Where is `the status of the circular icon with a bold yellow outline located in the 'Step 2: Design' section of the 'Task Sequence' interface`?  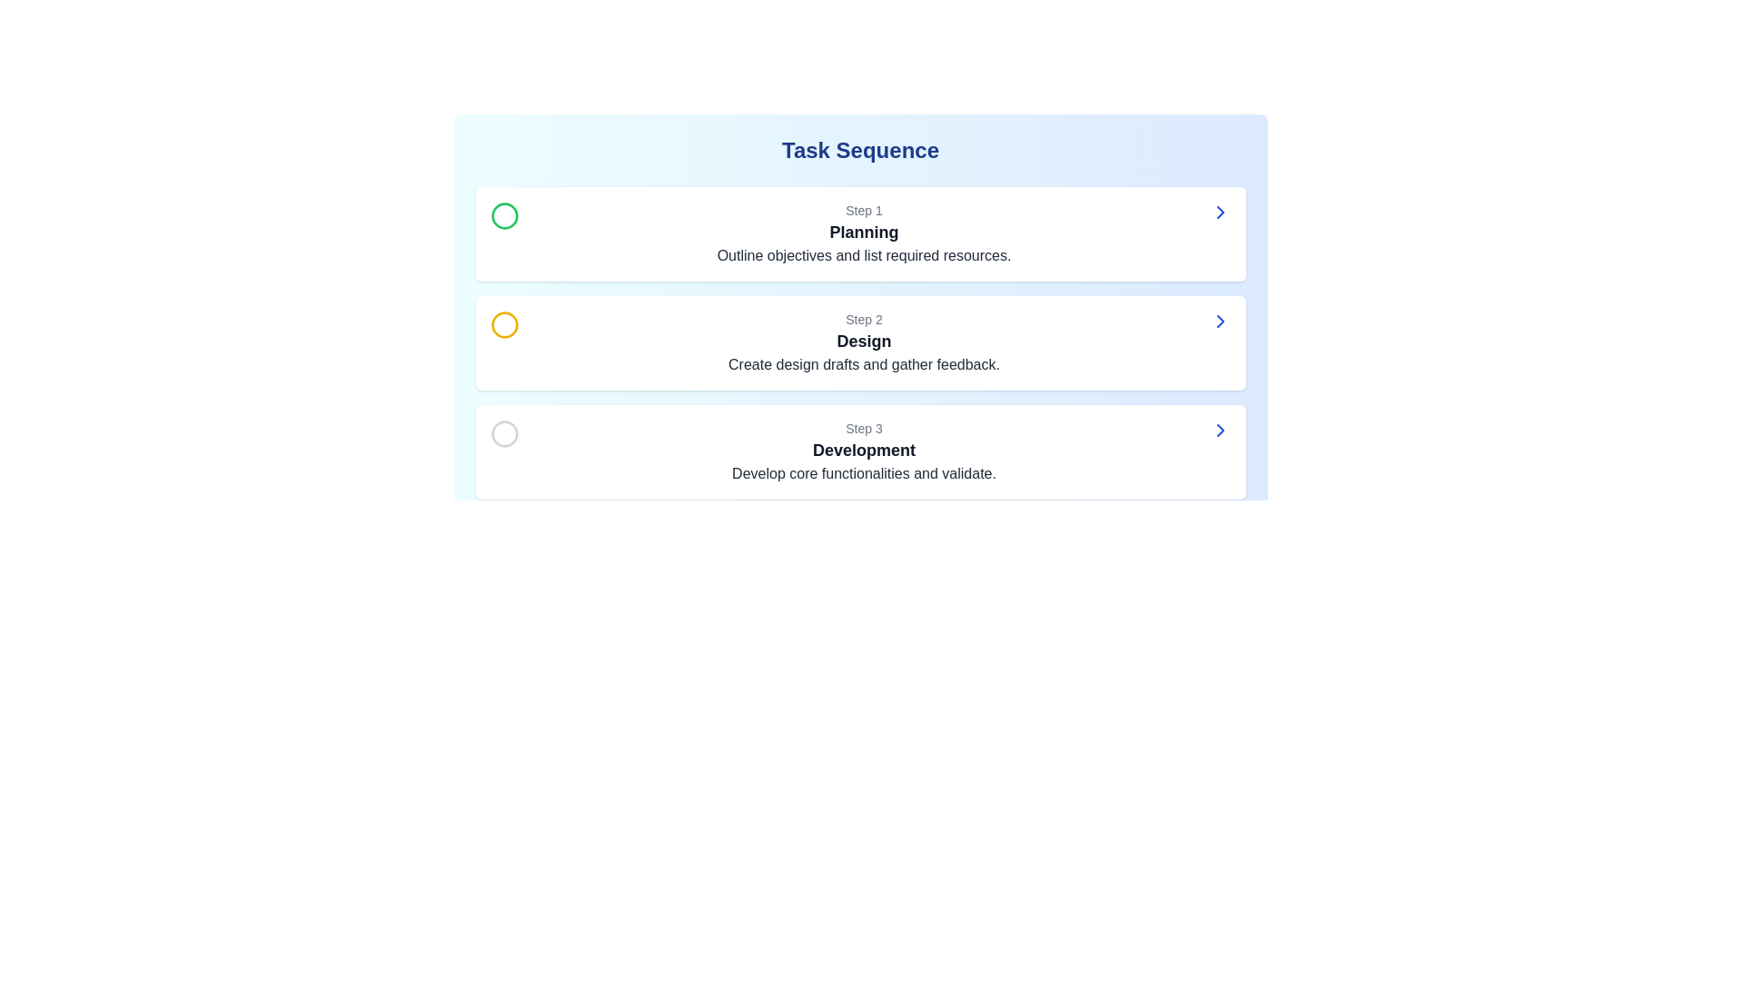 the status of the circular icon with a bold yellow outline located in the 'Step 2: Design' section of the 'Task Sequence' interface is located at coordinates (504, 324).